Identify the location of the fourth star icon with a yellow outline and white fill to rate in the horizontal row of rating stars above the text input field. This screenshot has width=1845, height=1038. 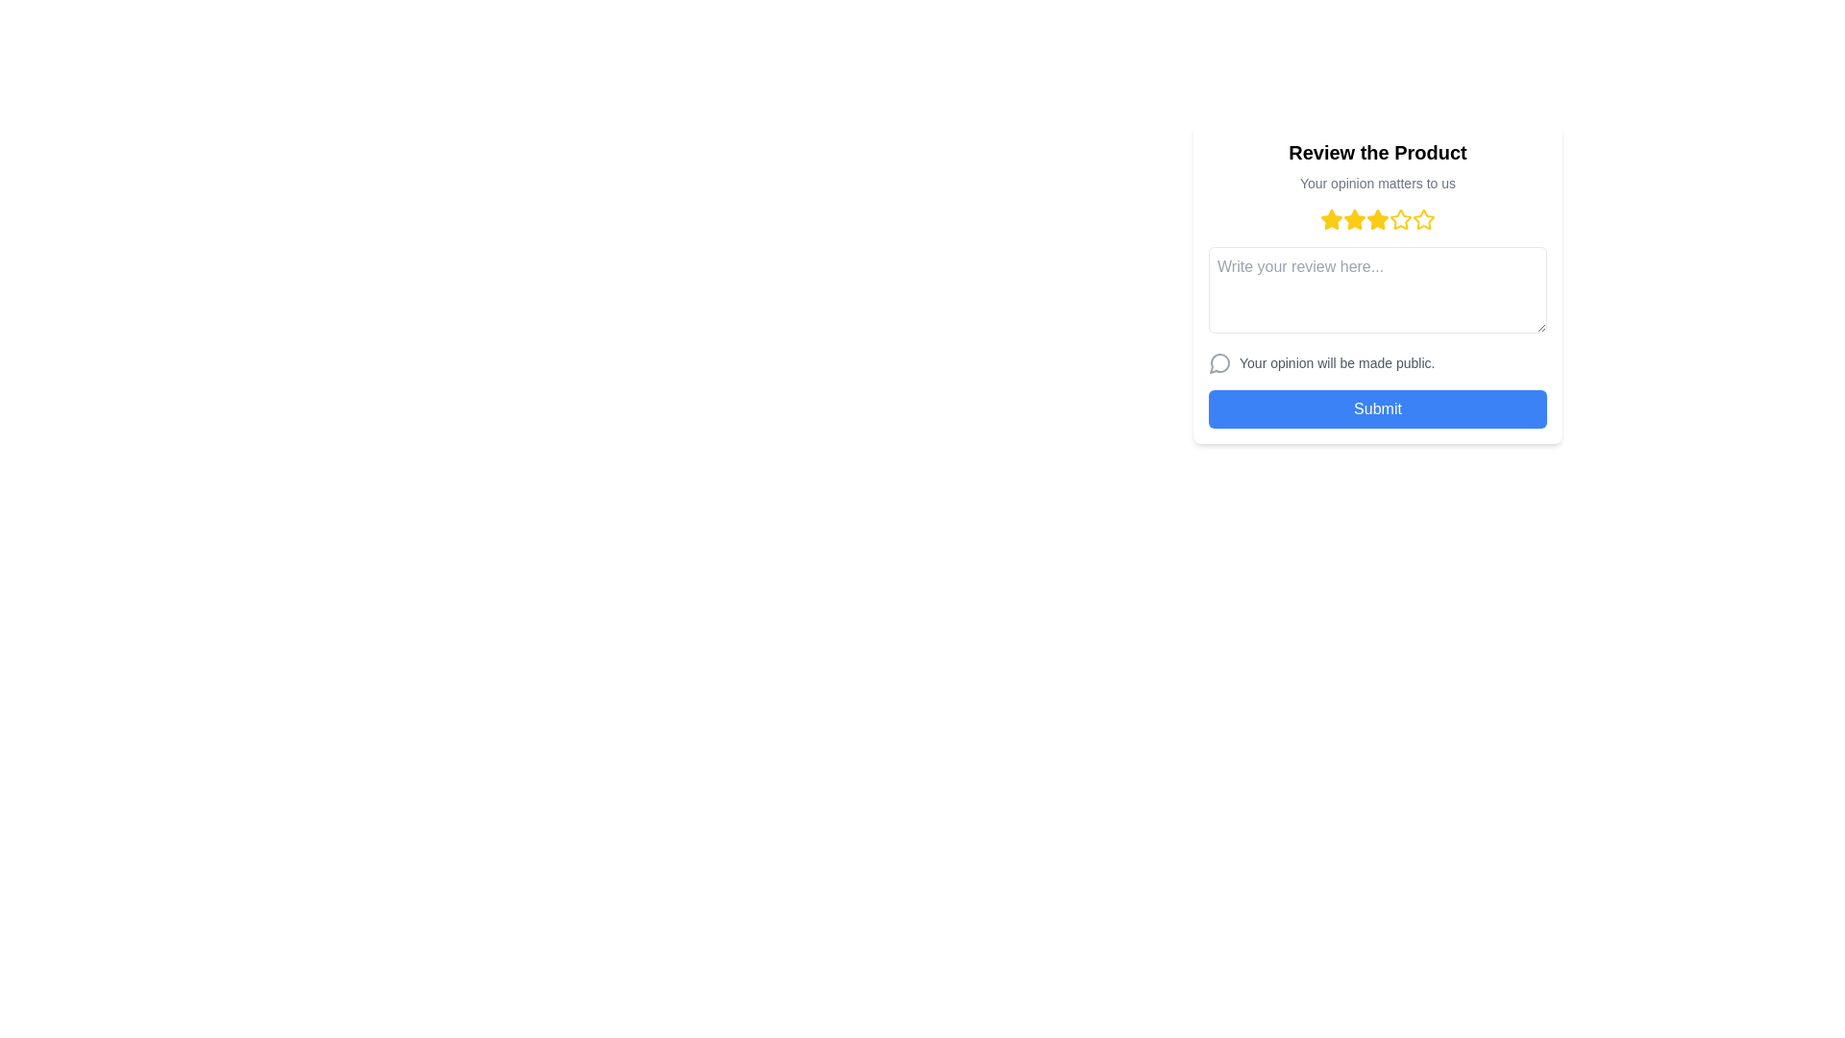
(1400, 217).